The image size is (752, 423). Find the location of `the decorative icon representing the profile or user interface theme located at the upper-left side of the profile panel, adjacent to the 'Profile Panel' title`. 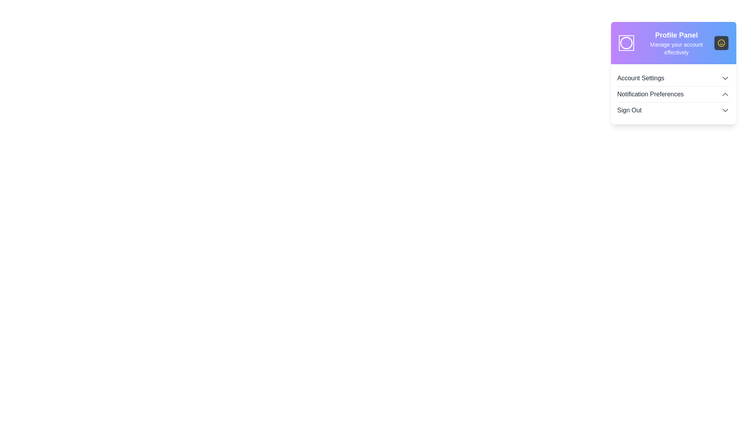

the decorative icon representing the profile or user interface theme located at the upper-left side of the profile panel, adjacent to the 'Profile Panel' title is located at coordinates (626, 43).